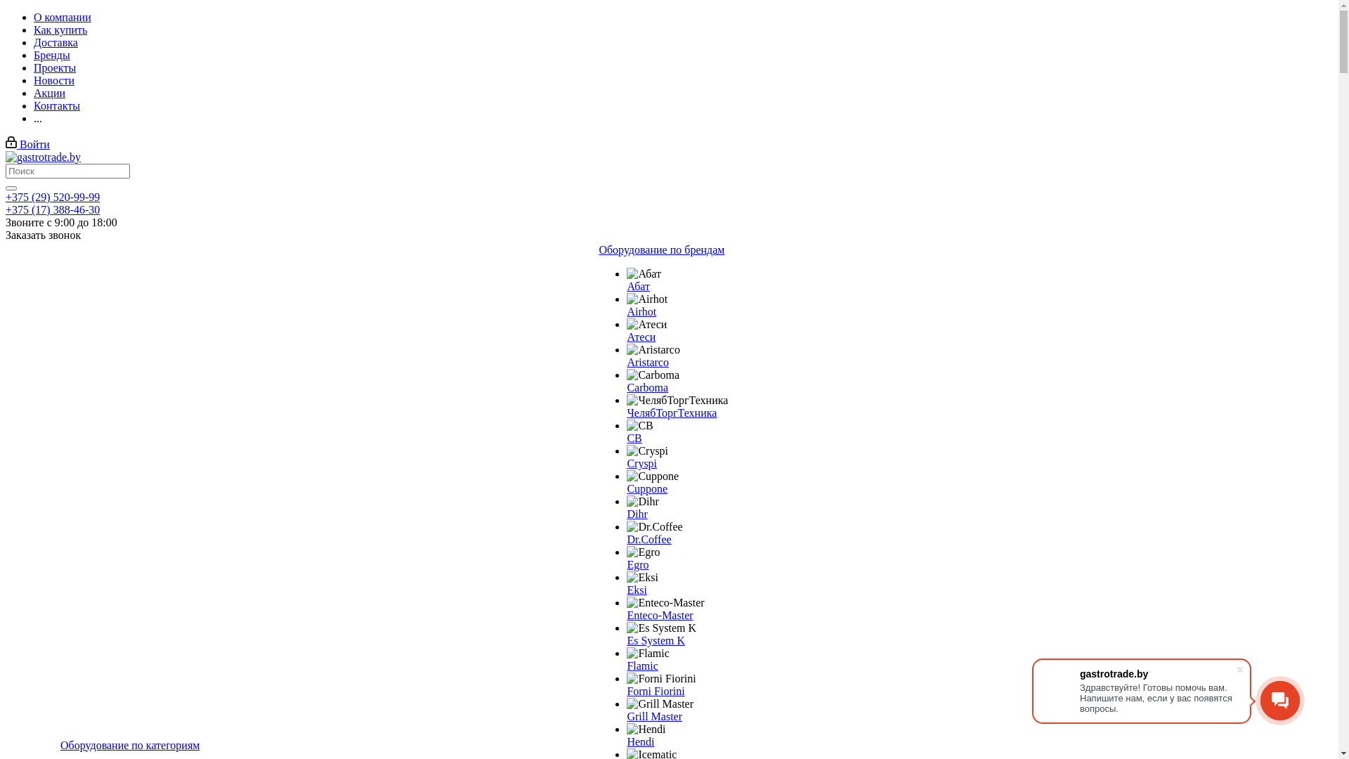 This screenshot has width=1349, height=759. I want to click on 'Dihr', so click(641, 500).